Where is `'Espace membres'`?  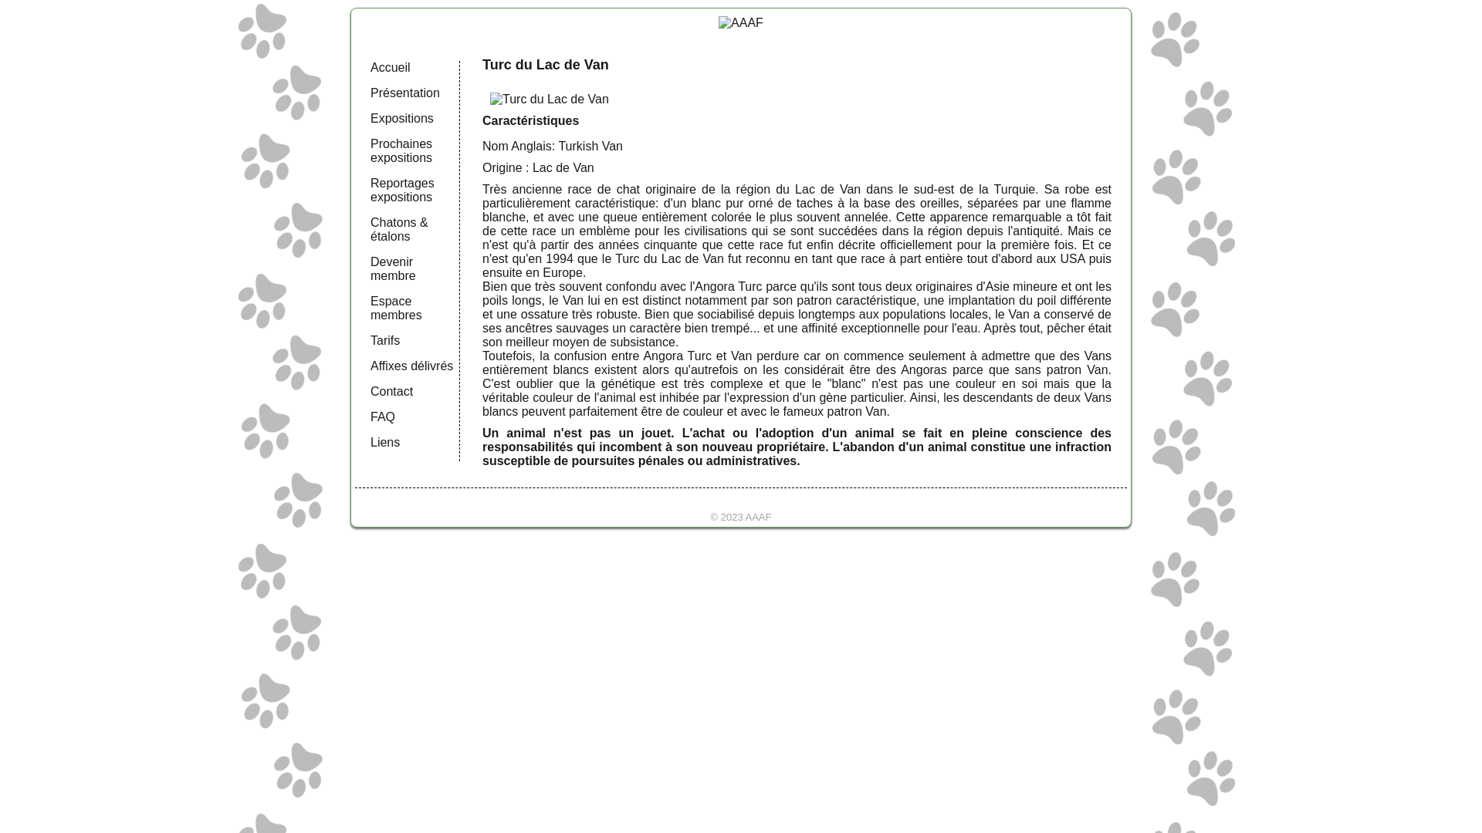
'Espace membres' is located at coordinates (396, 308).